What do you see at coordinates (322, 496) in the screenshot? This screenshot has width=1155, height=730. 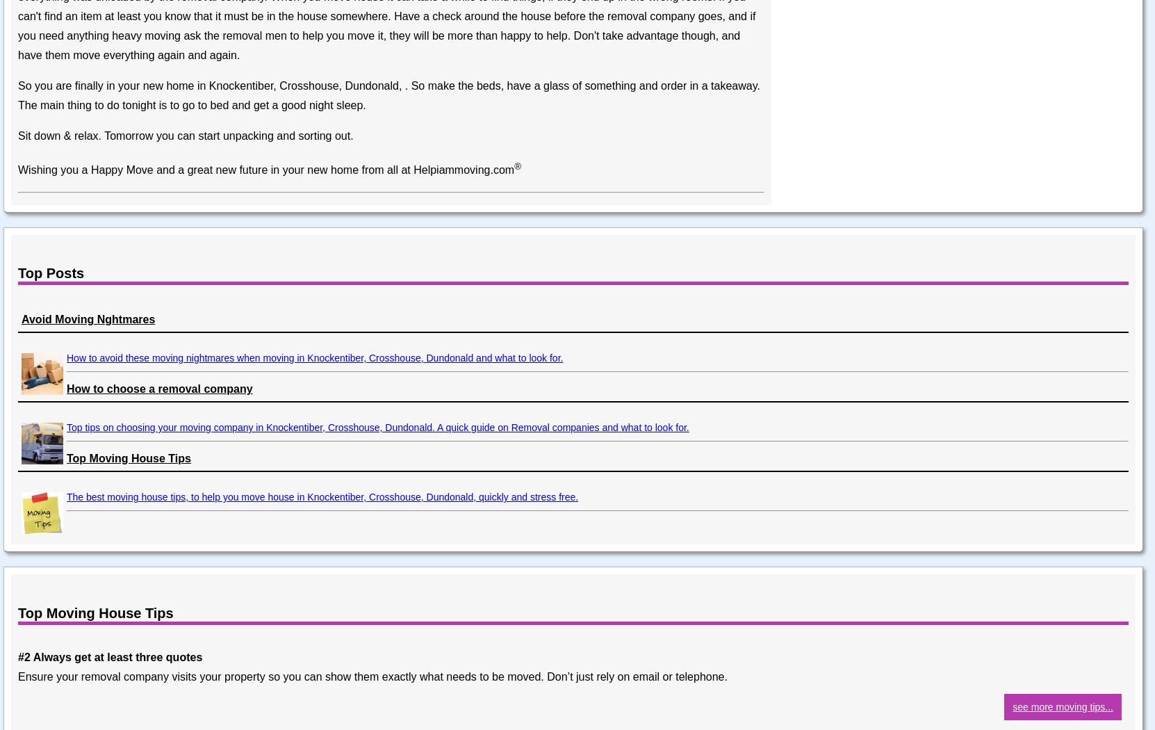 I see `'The best moving house tips, to help you move house in Knockentiber, Crosshouse, Dundonald, quickly and stress free.'` at bounding box center [322, 496].